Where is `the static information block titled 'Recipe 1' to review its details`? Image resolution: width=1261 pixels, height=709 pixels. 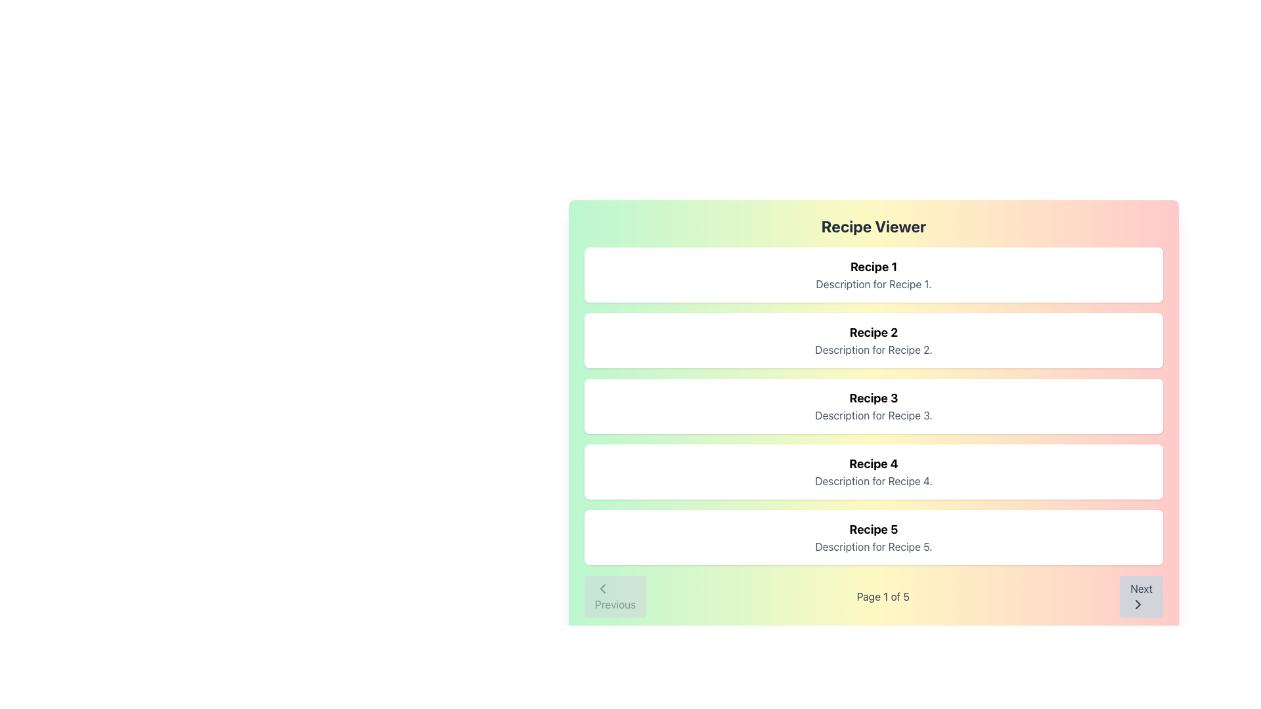
the static information block titled 'Recipe 1' to review its details is located at coordinates (874, 274).